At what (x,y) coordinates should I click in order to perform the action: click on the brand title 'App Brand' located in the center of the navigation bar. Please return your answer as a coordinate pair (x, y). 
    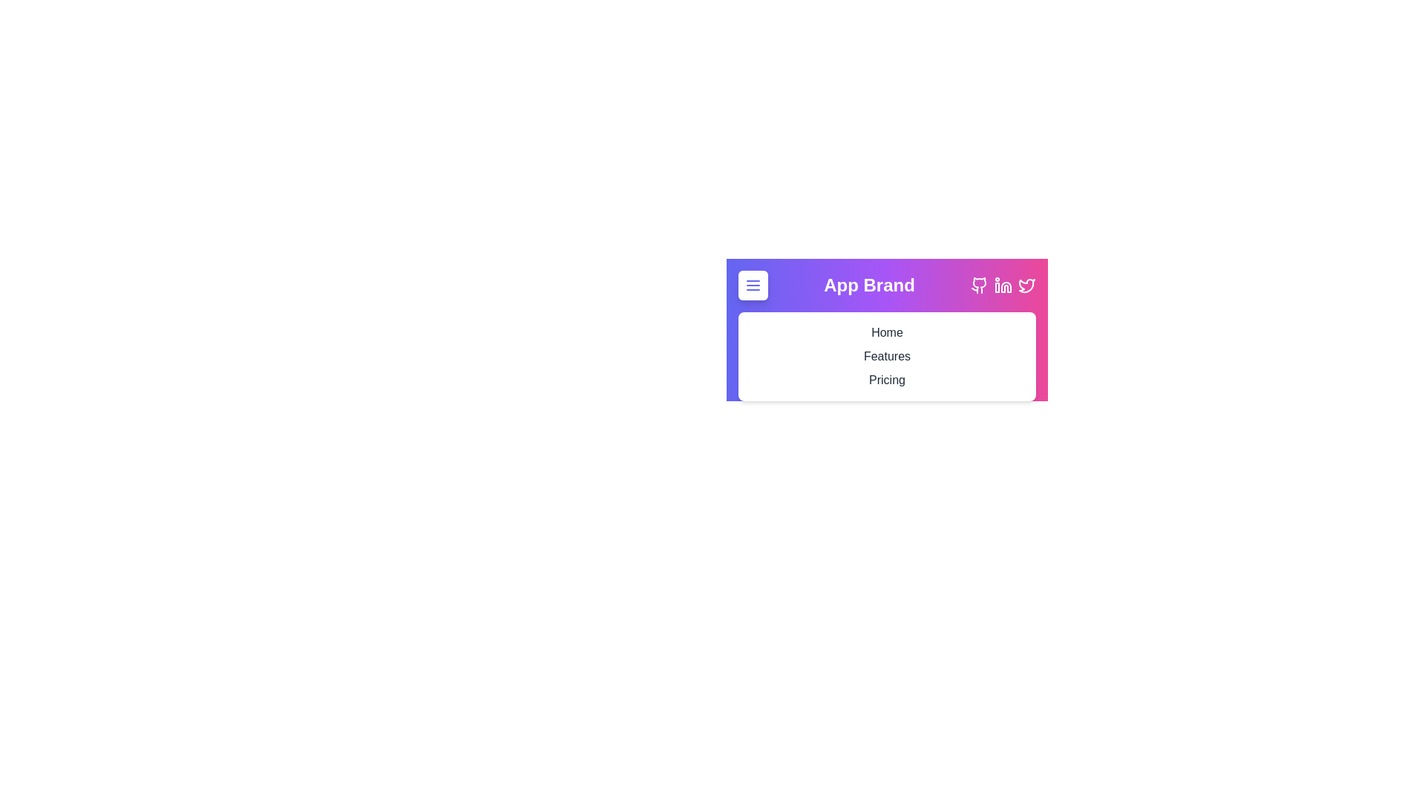
    Looking at the image, I should click on (869, 286).